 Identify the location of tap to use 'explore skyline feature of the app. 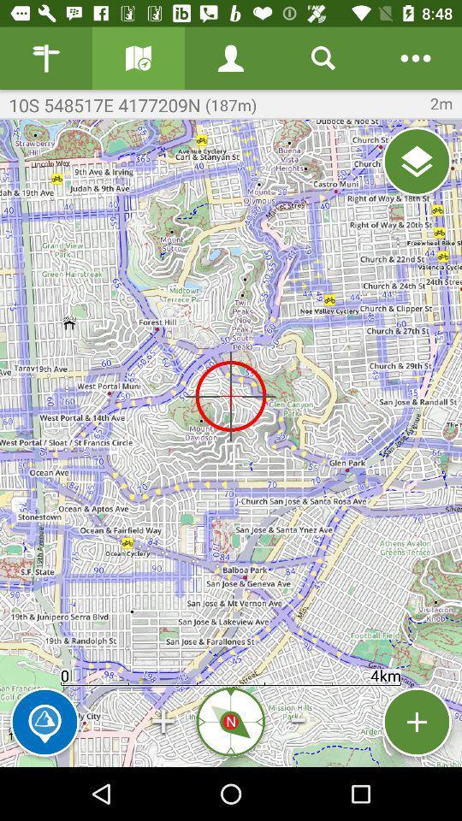
(44, 721).